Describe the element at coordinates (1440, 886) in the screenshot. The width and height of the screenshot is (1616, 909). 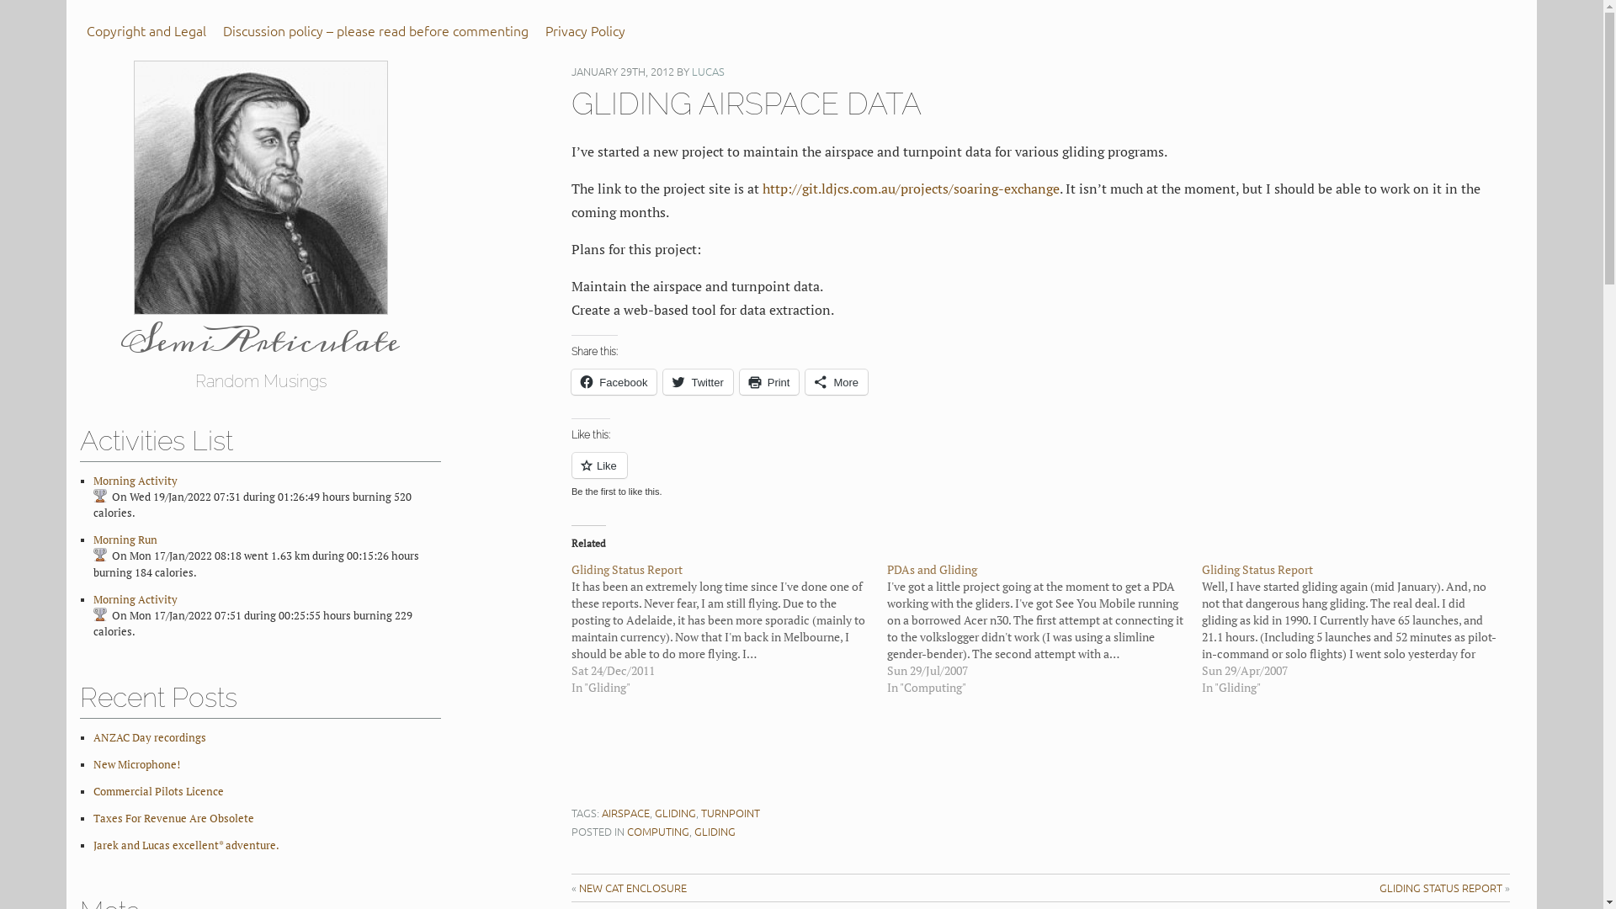
I see `'GLIDING STATUS REPORT'` at that location.